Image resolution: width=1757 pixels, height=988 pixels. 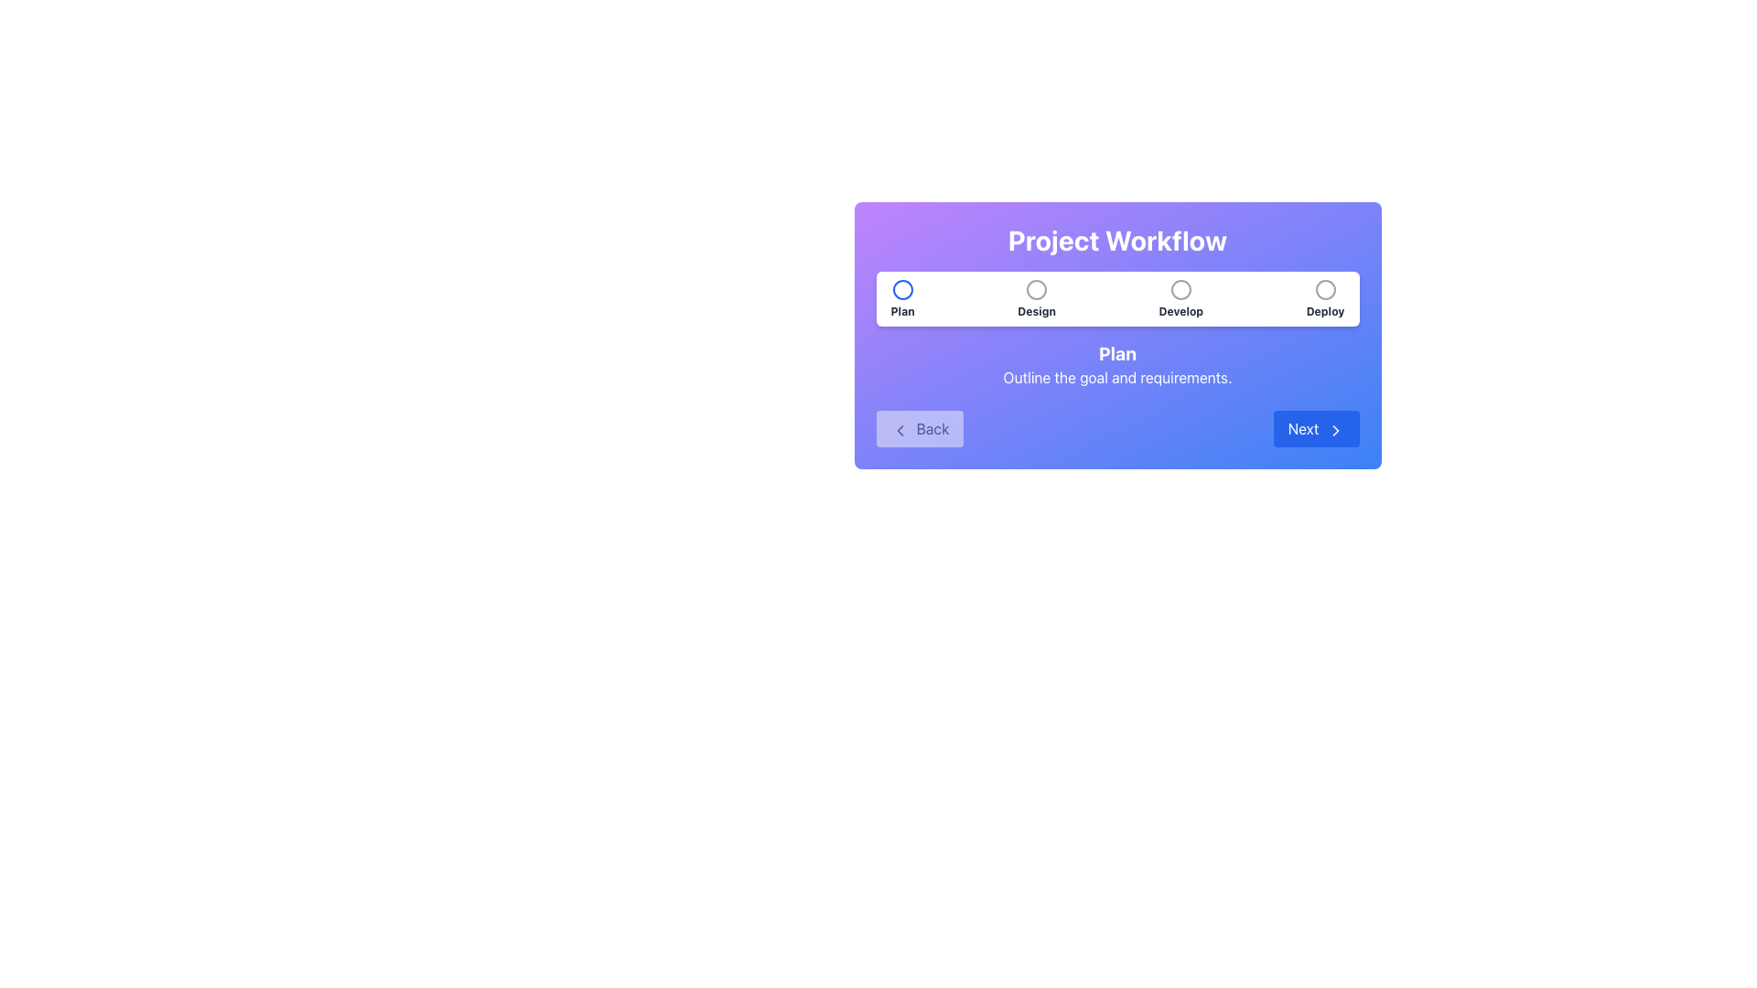 I want to click on the first Step Indicator labeled 'Plan' in the stepper component, which visually represents the first stage of a multi-step workflow, so click(x=902, y=298).